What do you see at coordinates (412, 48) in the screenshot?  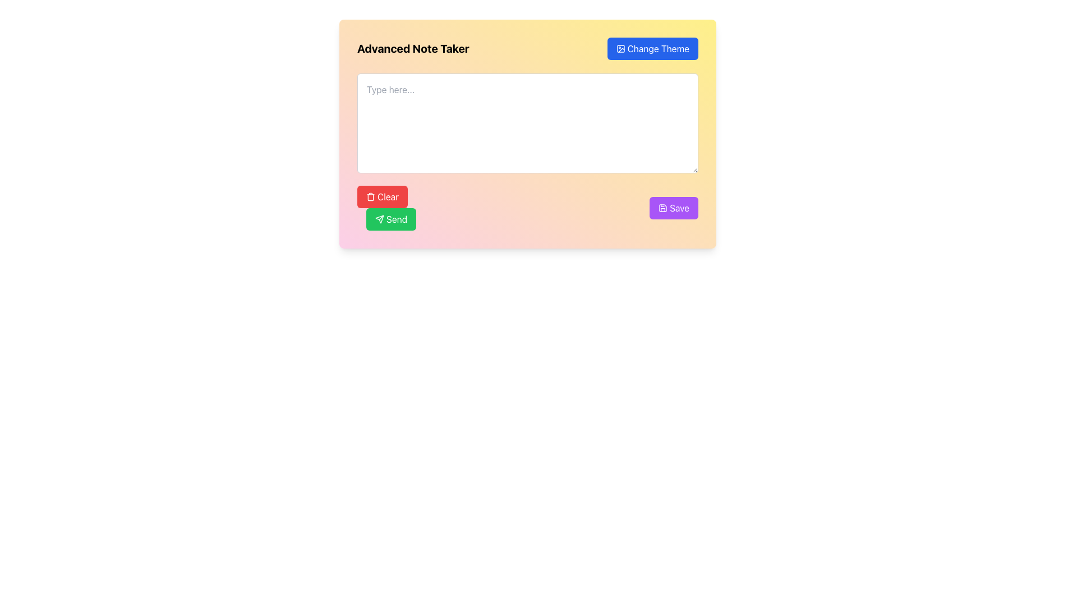 I see `the Text label that represents the title of the application, located in the upper-left quadrant of the interface, adjacent to the 'Change Theme' button` at bounding box center [412, 48].